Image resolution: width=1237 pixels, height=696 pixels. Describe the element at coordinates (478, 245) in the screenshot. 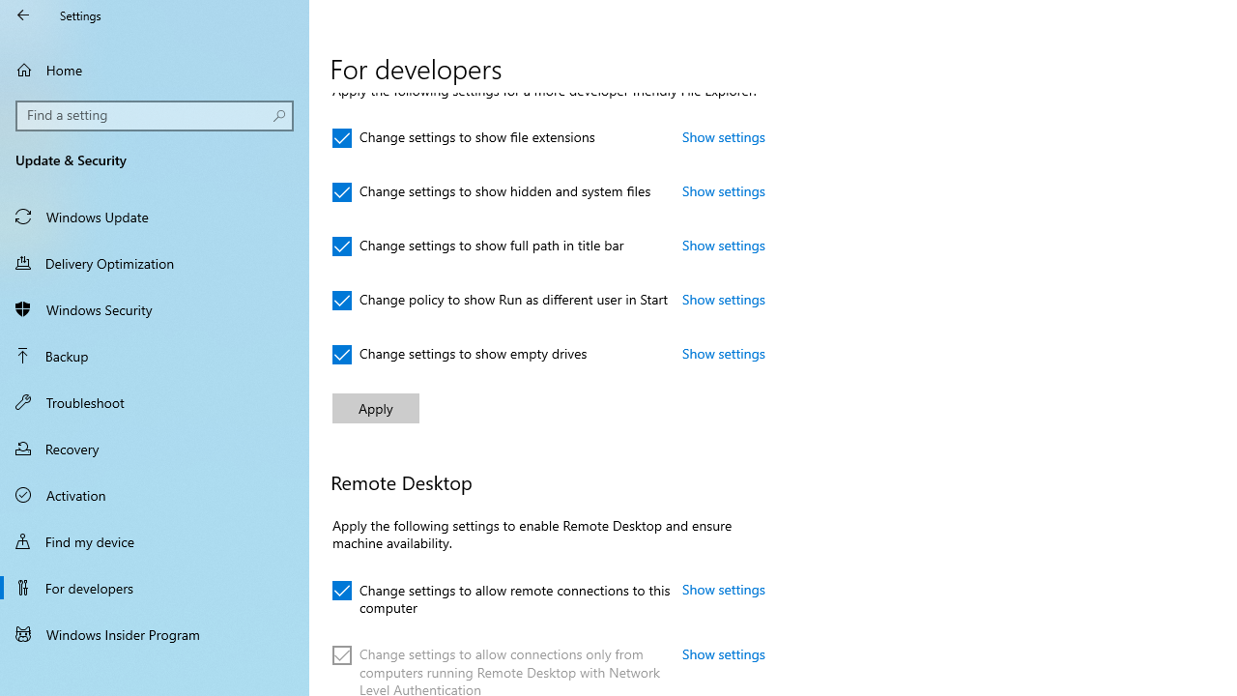

I see `'Change settings to show full path in title bar'` at that location.